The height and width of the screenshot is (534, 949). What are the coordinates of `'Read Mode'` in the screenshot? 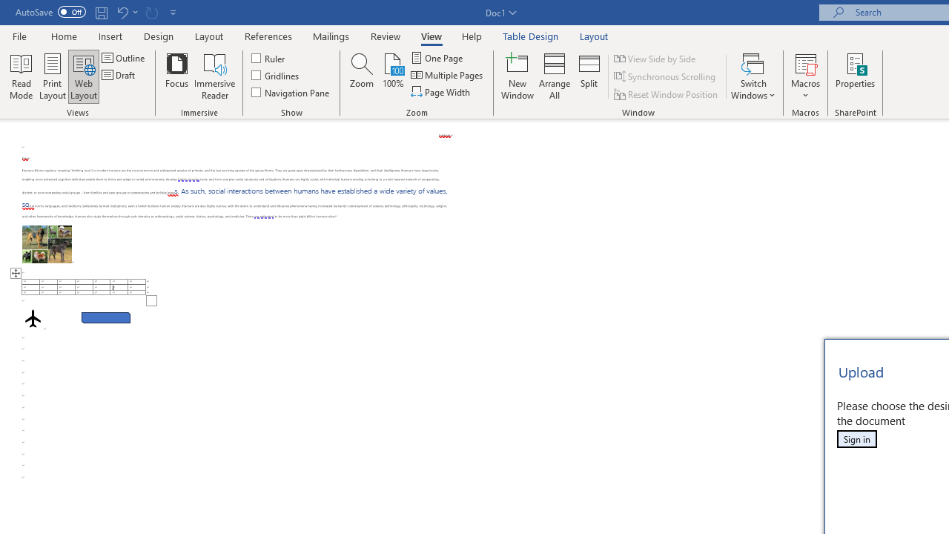 It's located at (21, 76).